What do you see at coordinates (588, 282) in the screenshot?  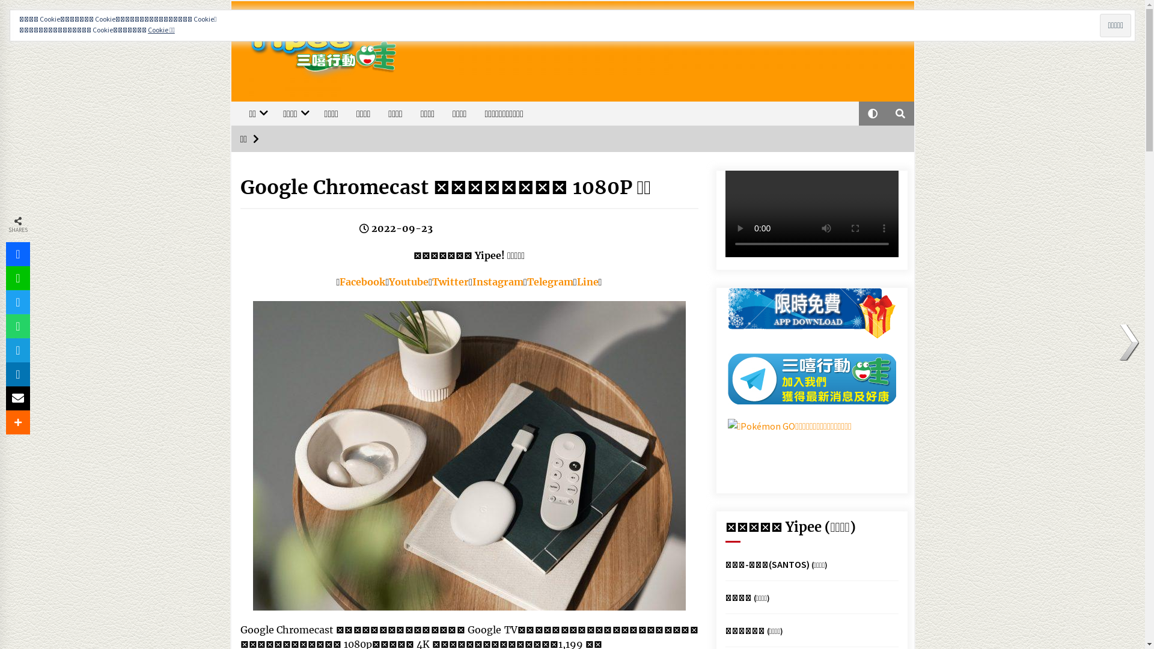 I see `'Line'` at bounding box center [588, 282].